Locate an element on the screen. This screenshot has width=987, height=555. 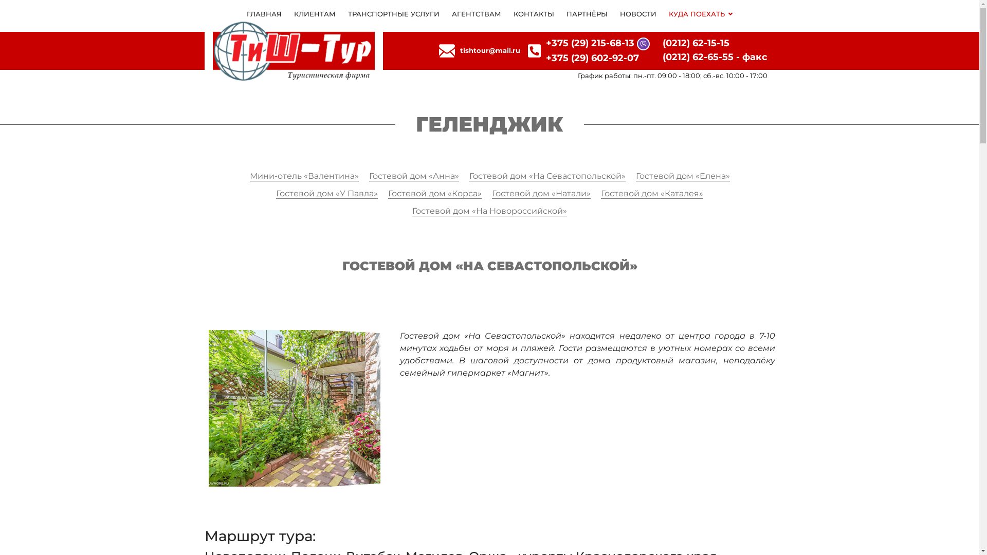
'+375 (29) 602-92-07' is located at coordinates (592, 58).